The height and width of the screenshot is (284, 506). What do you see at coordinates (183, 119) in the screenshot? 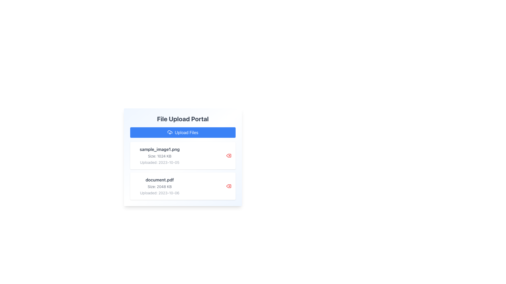
I see `the Text Label that serves as a header for the file uploads section by moving the mouse pointer to its center` at bounding box center [183, 119].